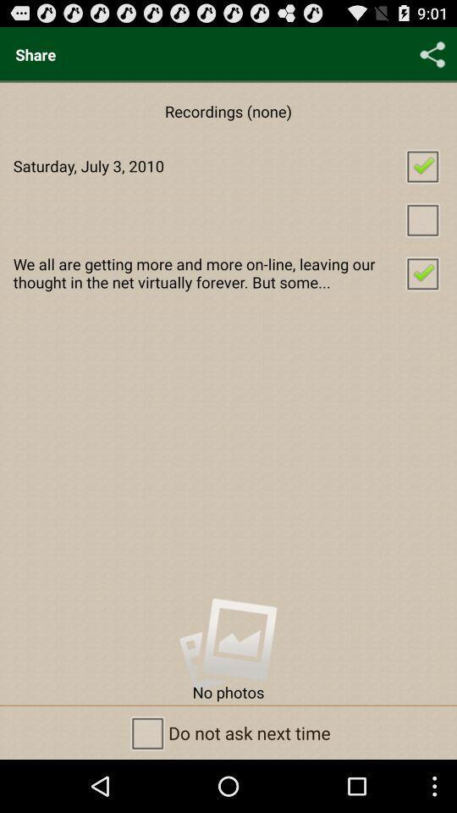 This screenshot has width=457, height=813. Describe the element at coordinates (228, 273) in the screenshot. I see `the we all are checkbox` at that location.